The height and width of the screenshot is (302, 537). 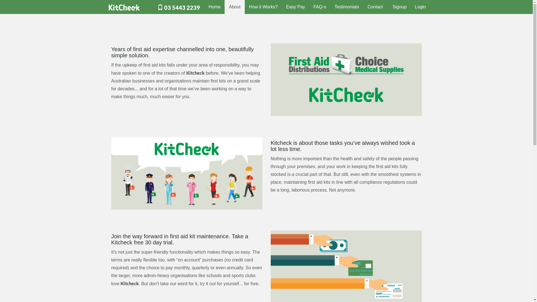 I want to click on 'How it Works?', so click(x=263, y=7).